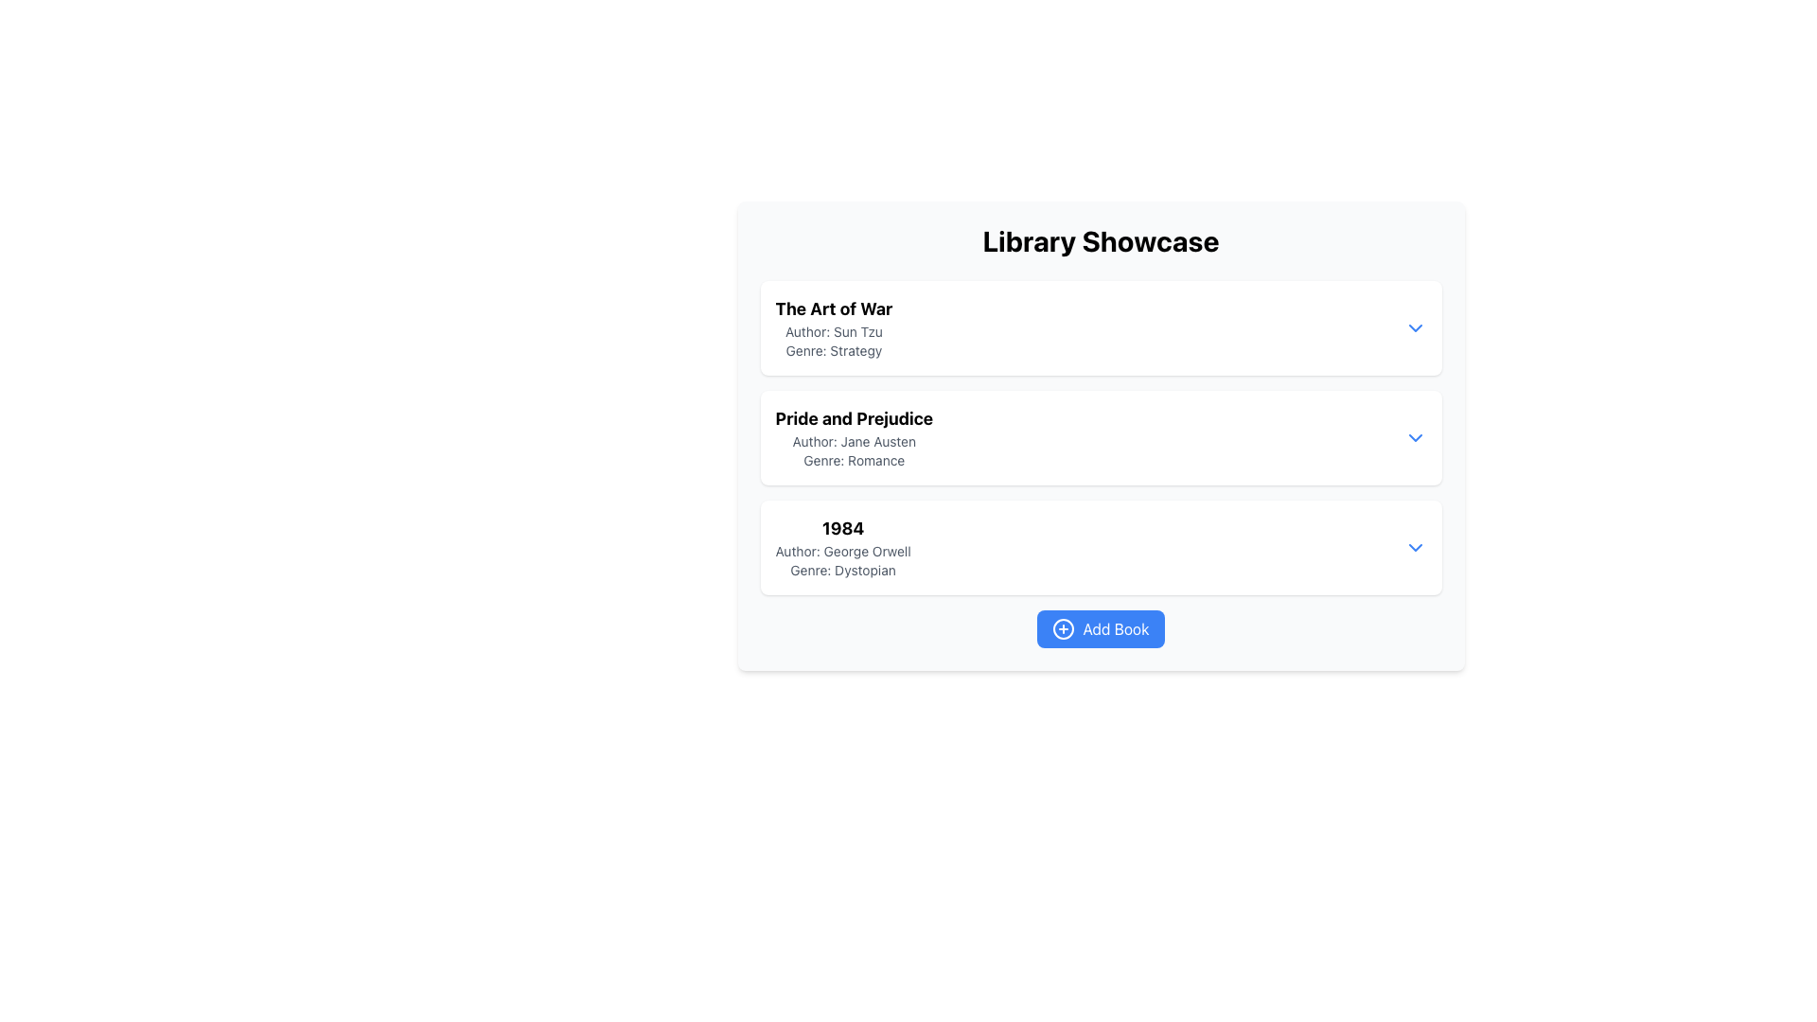 The height and width of the screenshot is (1022, 1817). What do you see at coordinates (1101, 628) in the screenshot?
I see `the blue rectangular 'Add Book' button with a plus icon` at bounding box center [1101, 628].